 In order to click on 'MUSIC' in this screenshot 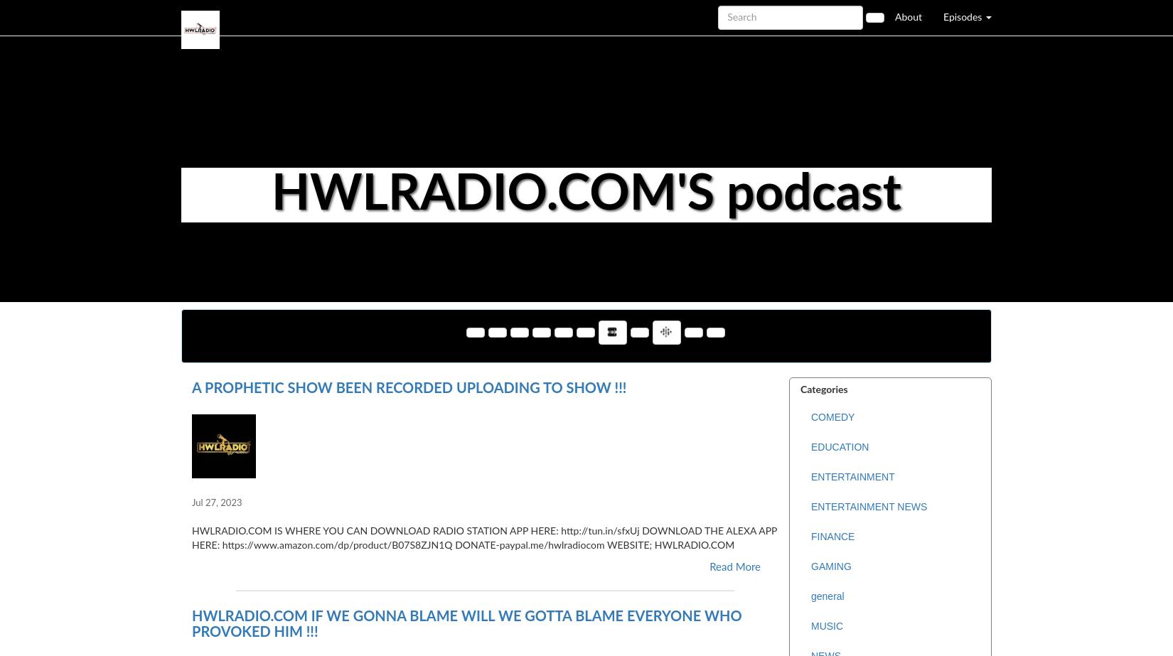, I will do `click(827, 625)`.